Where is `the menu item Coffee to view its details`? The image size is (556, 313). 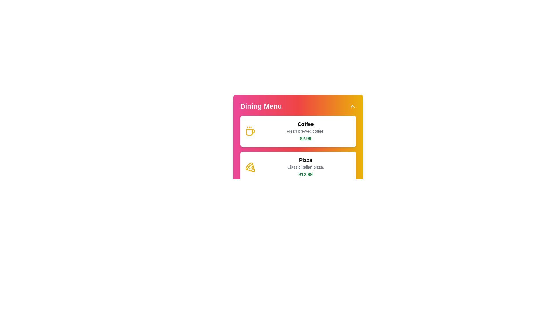 the menu item Coffee to view its details is located at coordinates (298, 131).